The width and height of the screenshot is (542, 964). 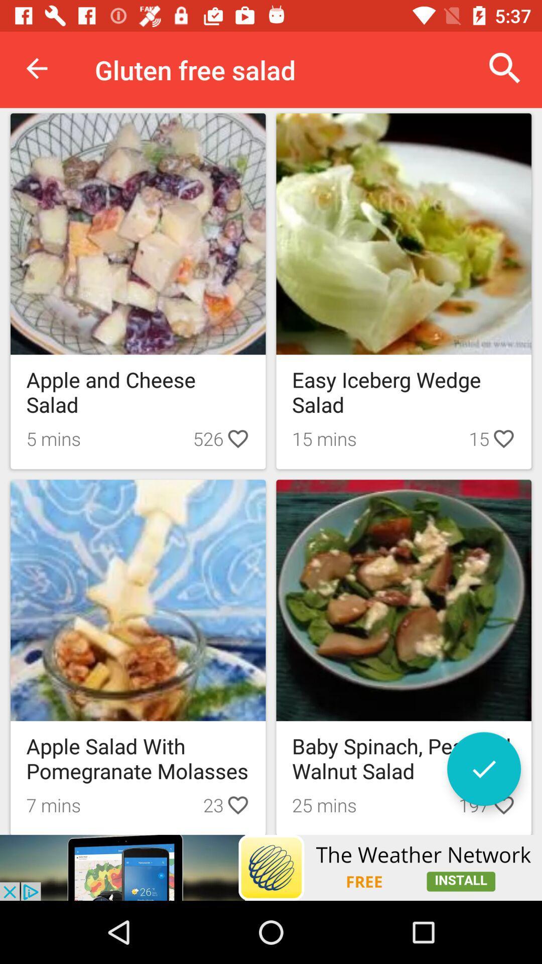 What do you see at coordinates (271, 867) in the screenshot?
I see `advertisement page` at bounding box center [271, 867].